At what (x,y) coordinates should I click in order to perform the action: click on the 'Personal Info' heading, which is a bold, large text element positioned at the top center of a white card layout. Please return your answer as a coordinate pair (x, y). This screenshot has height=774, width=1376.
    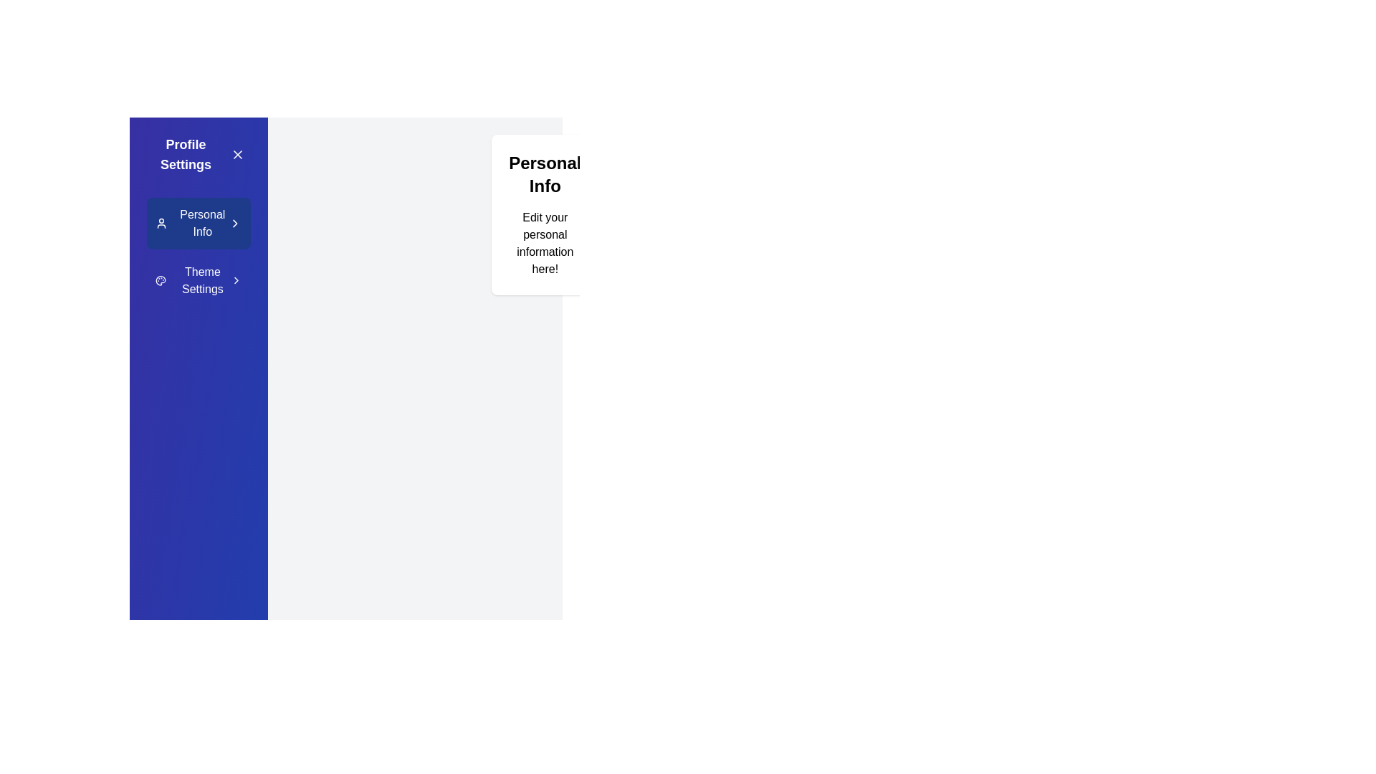
    Looking at the image, I should click on (544, 173).